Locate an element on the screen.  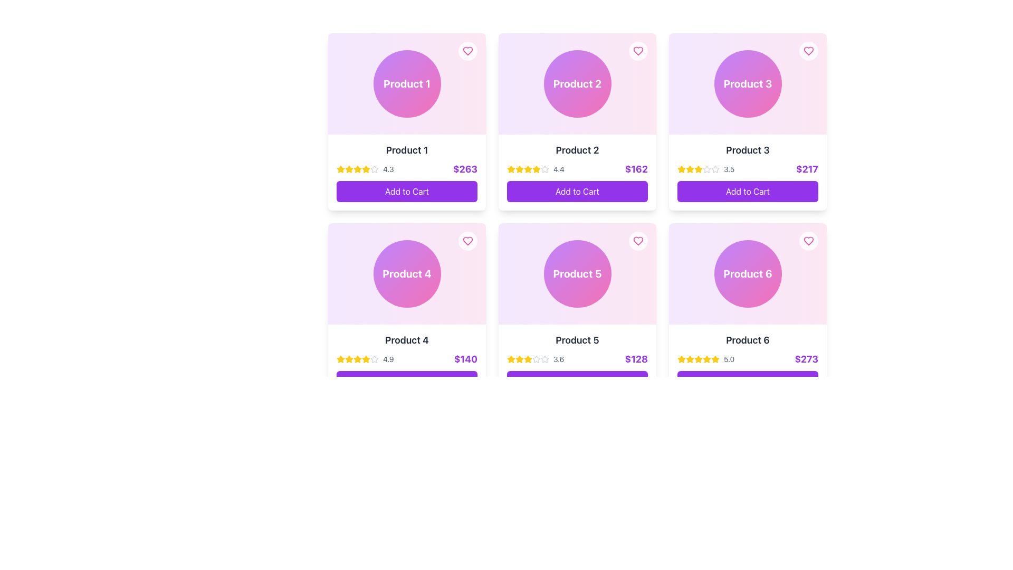
the yellow five-pointed star icon representing the third rating position in the 'Product 3' card is located at coordinates (681, 168).